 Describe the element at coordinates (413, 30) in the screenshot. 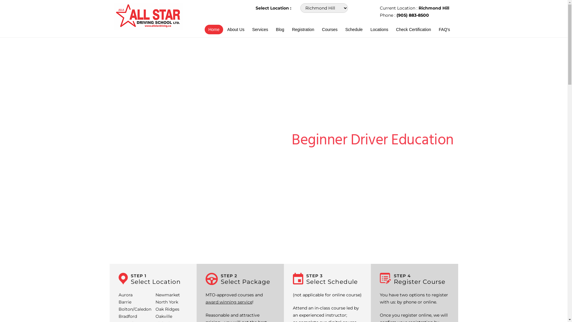

I see `'Check Certification'` at that location.